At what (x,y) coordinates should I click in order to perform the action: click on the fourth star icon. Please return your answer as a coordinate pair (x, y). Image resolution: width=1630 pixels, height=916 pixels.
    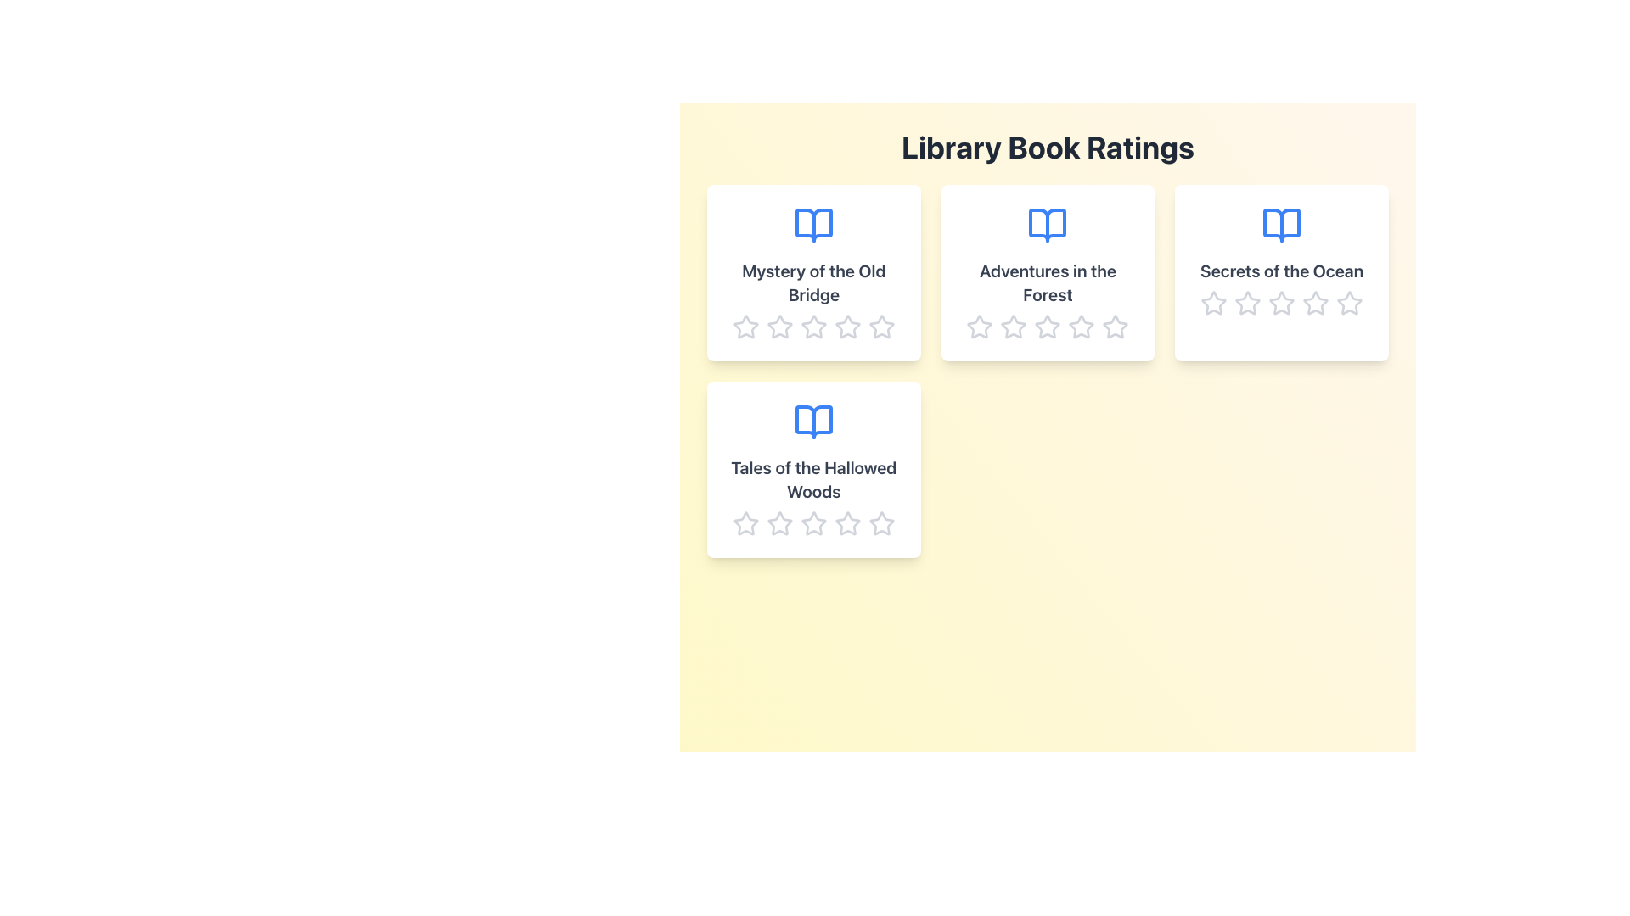
    Looking at the image, I should click on (847, 522).